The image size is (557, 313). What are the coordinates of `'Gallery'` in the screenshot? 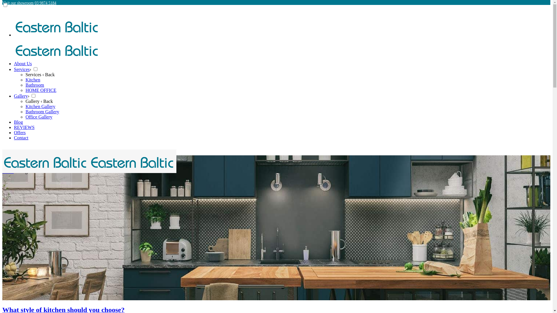 It's located at (14, 96).